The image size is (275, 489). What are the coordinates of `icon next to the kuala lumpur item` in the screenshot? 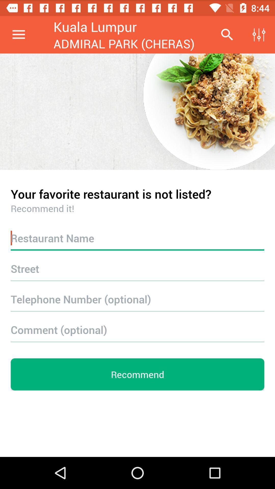 It's located at (18, 34).